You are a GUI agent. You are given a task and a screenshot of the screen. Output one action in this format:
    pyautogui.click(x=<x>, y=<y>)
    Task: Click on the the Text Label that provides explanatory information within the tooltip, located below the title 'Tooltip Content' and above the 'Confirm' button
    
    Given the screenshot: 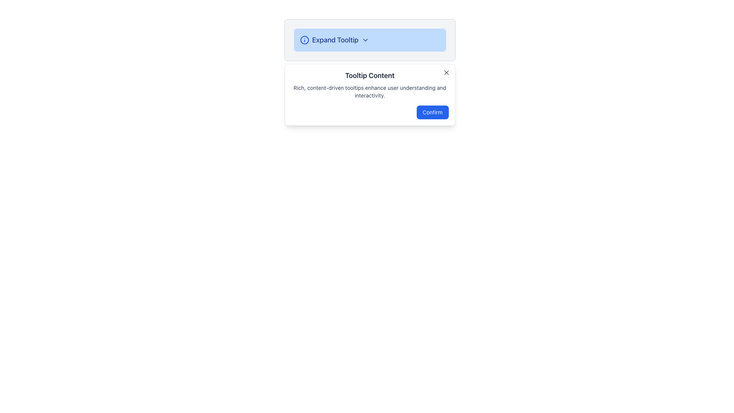 What is the action you would take?
    pyautogui.click(x=370, y=91)
    